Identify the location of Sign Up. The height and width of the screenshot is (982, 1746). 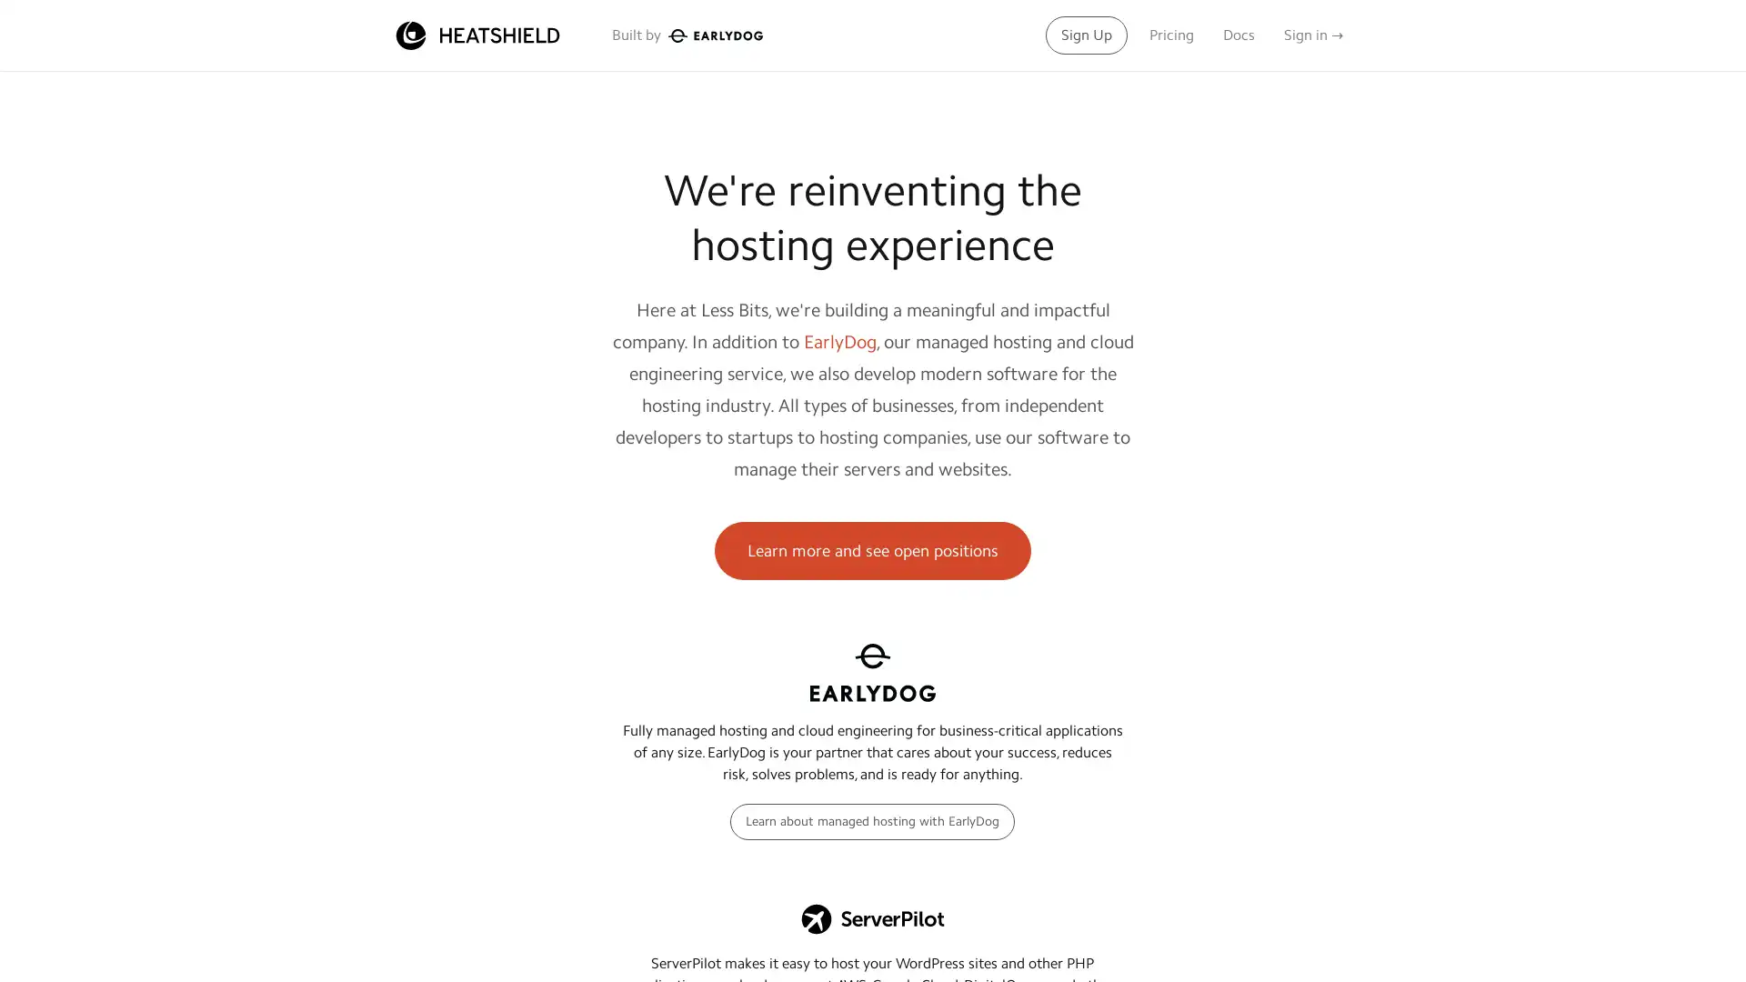
(1087, 35).